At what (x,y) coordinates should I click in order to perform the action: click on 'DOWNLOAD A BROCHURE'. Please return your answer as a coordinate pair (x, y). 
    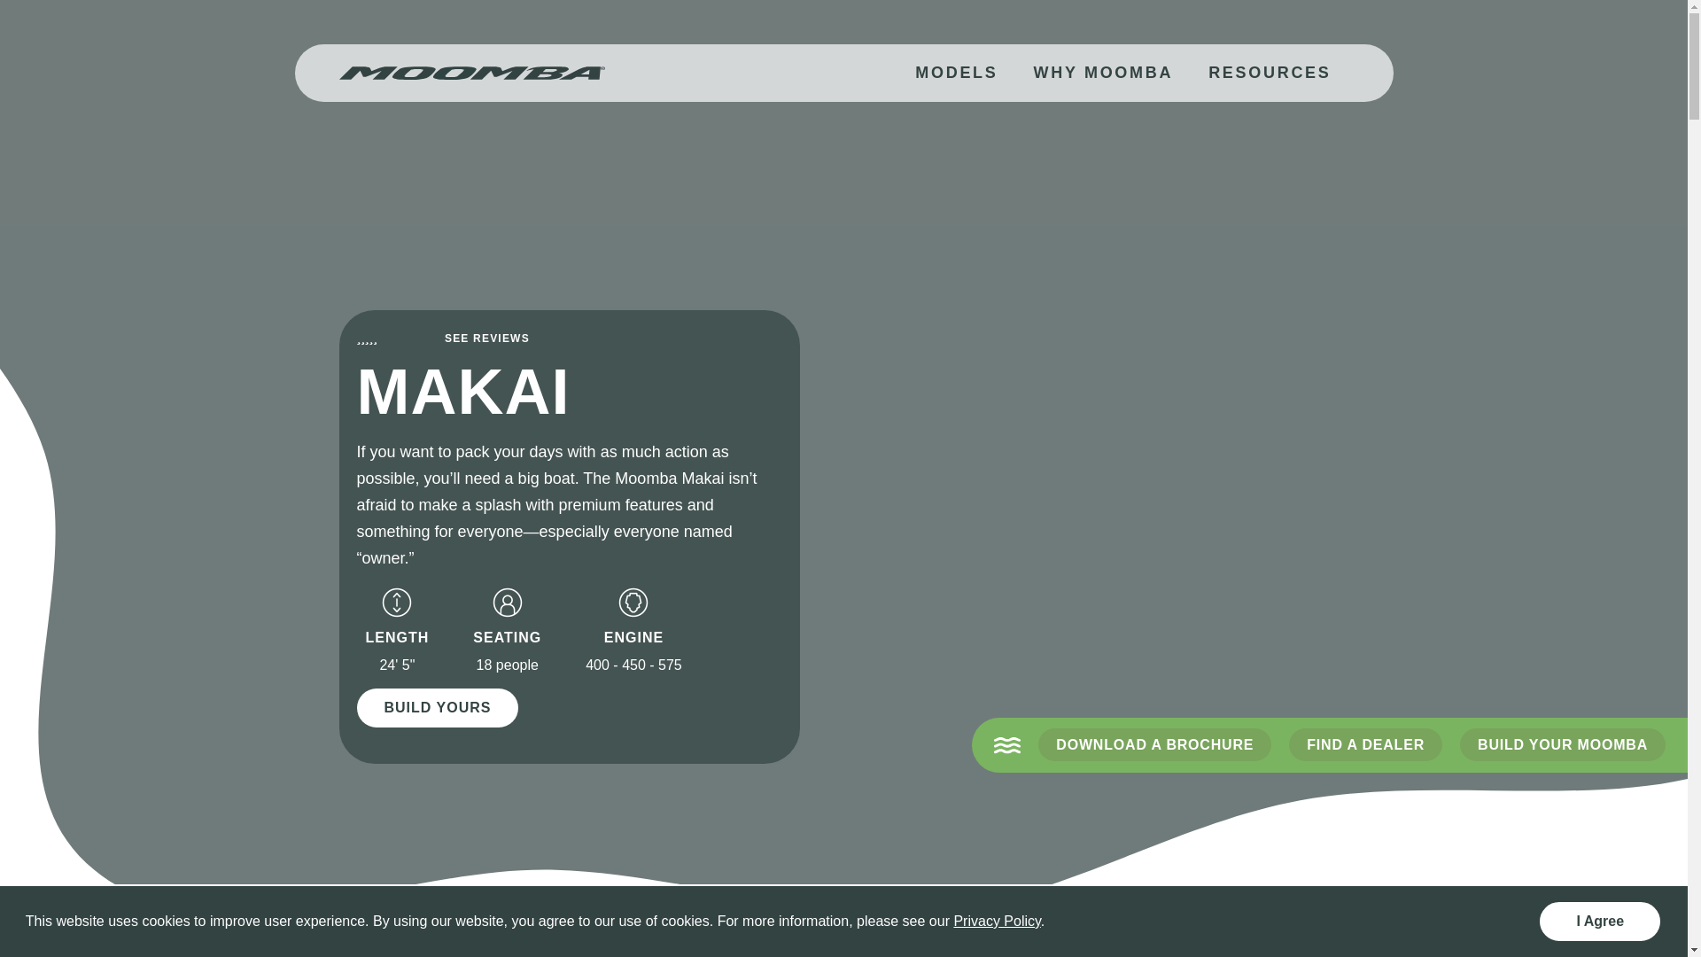
    Looking at the image, I should click on (1037, 744).